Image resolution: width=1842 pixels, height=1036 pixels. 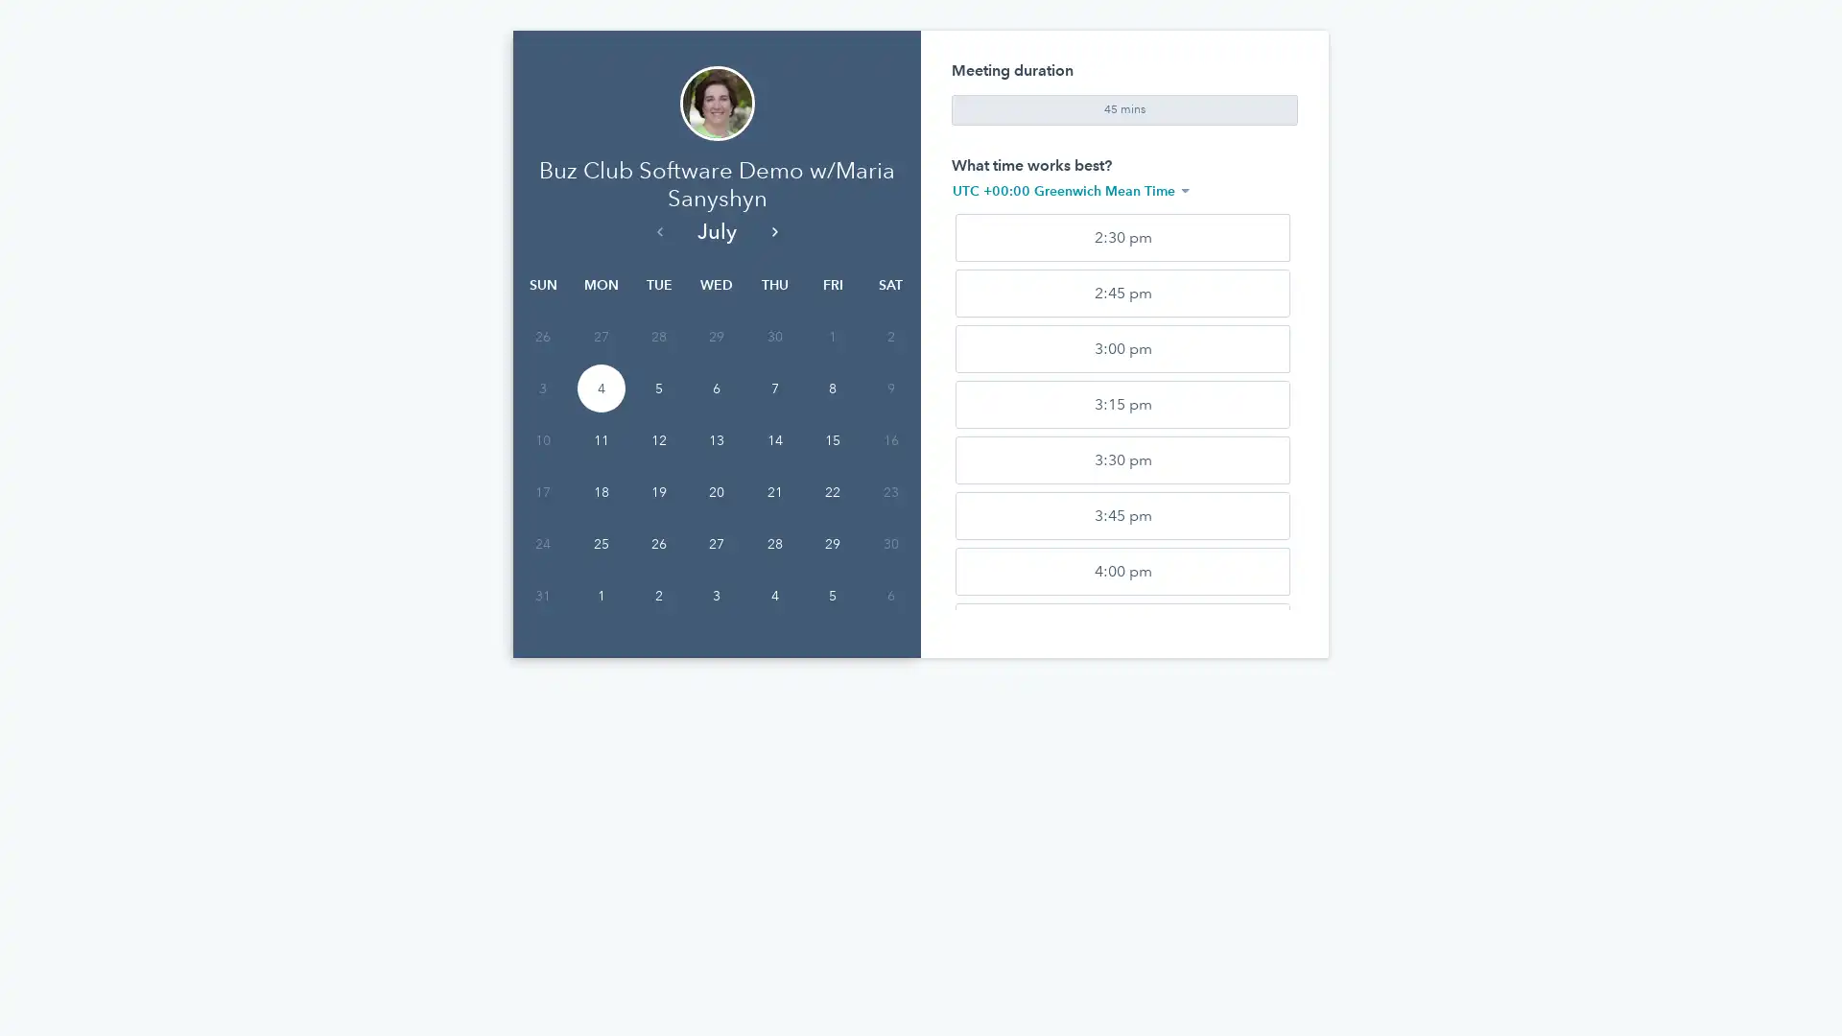 I want to click on July 16th, so click(x=888, y=512).